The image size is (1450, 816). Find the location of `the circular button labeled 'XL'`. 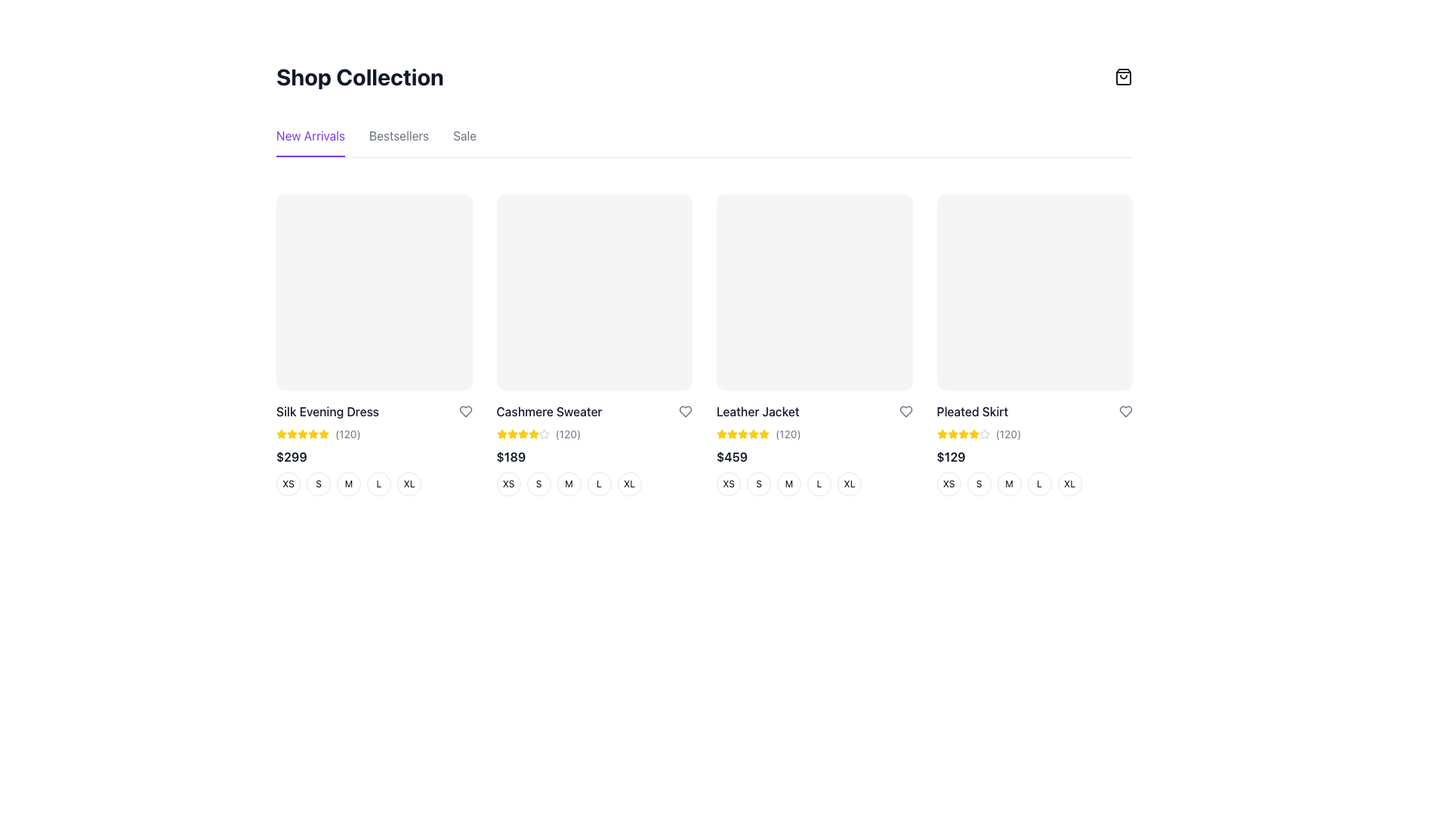

the circular button labeled 'XL' is located at coordinates (849, 484).